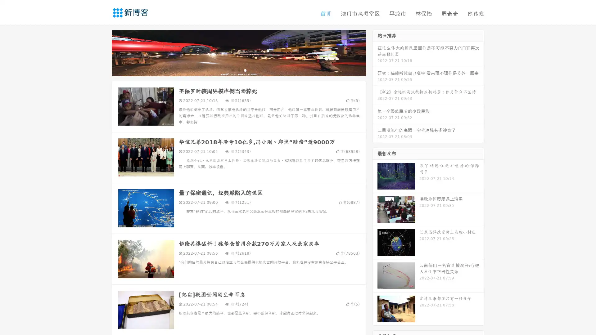 This screenshot has height=335, width=596. I want to click on Go to slide 3, so click(245, 70).